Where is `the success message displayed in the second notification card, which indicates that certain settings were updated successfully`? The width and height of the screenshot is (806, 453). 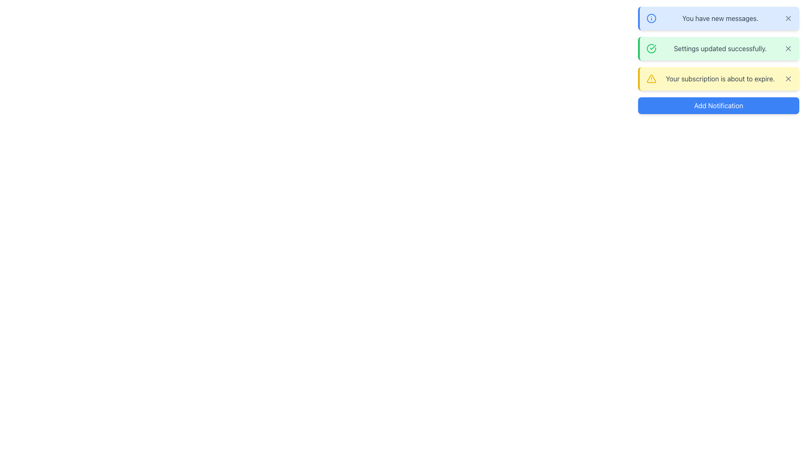 the success message displayed in the second notification card, which indicates that certain settings were updated successfully is located at coordinates (720, 48).